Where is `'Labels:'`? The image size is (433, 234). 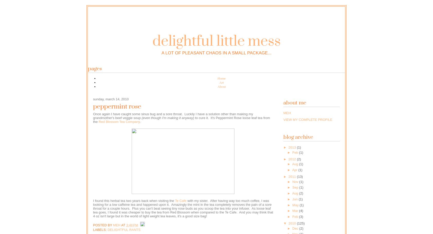
'Labels:' is located at coordinates (100, 229).